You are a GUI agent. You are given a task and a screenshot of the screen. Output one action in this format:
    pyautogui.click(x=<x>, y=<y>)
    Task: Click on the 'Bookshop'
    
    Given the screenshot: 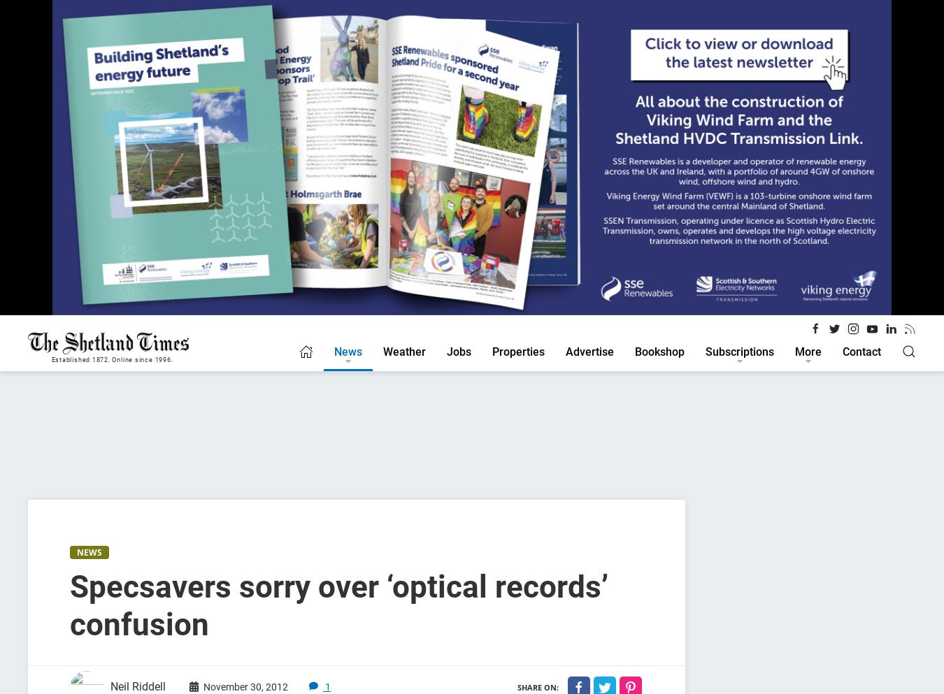 What is the action you would take?
    pyautogui.click(x=659, y=351)
    